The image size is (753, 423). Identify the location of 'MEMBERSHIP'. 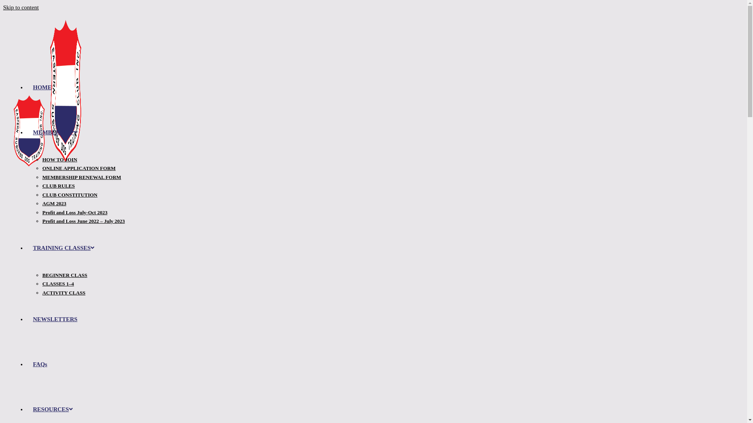
(55, 132).